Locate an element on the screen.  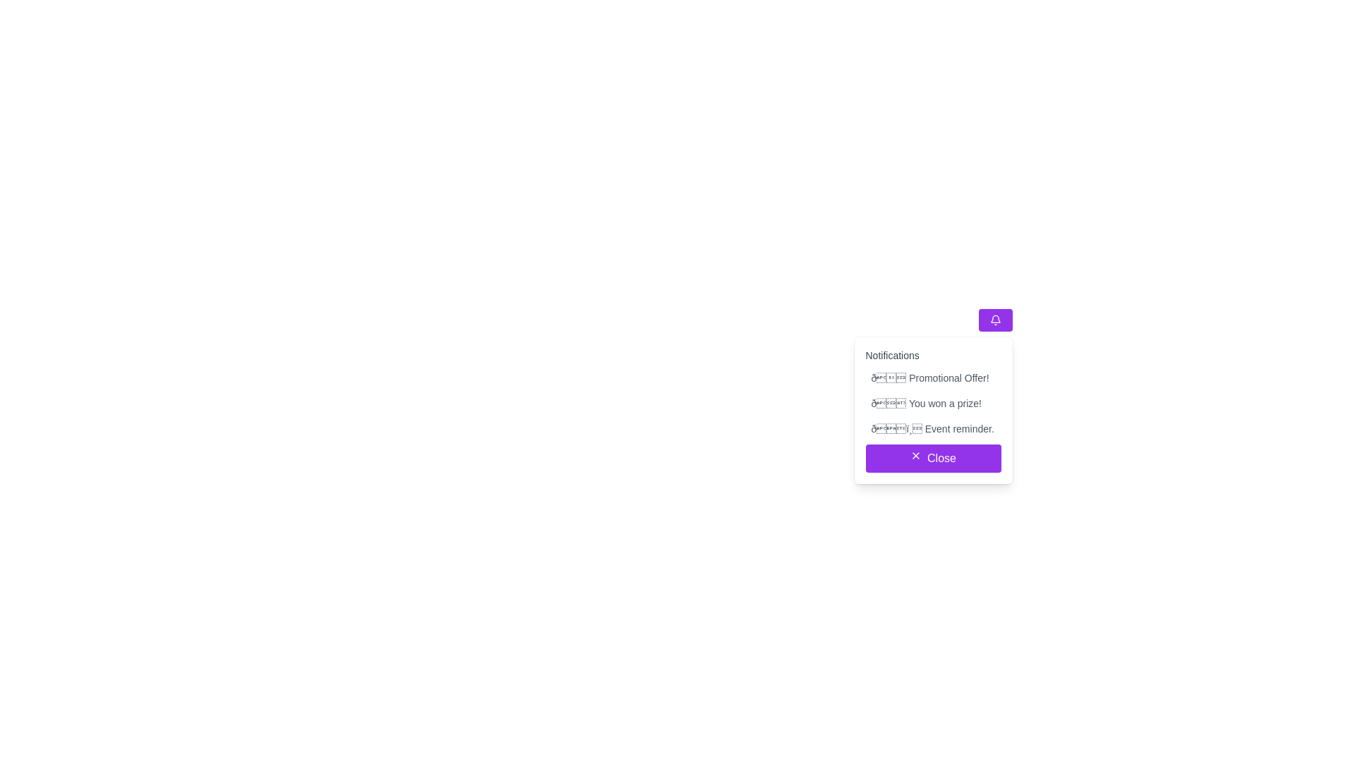
the 'X' icon located on the left side of the 'Close' text within the purple rectangular button at the bottom of the notification card is located at coordinates (915, 455).